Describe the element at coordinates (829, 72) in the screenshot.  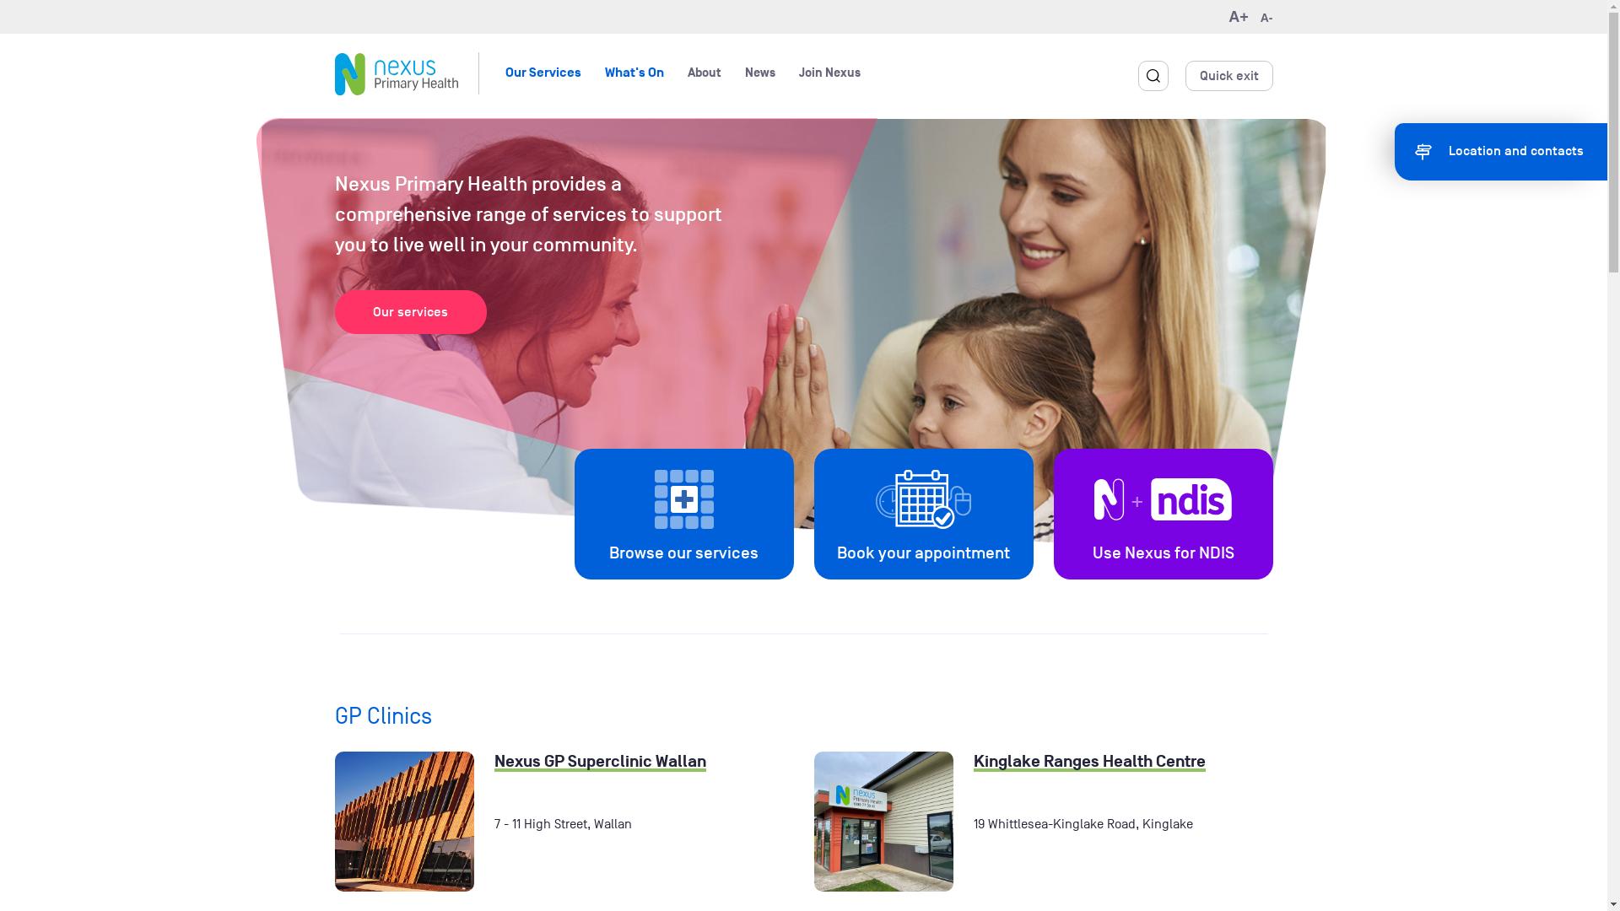
I see `'Join Nexus'` at that location.